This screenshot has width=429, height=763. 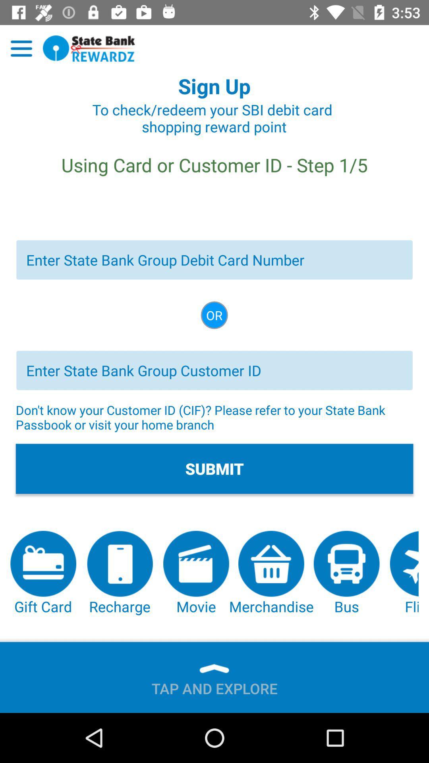 I want to click on tap and explore, so click(x=214, y=685).